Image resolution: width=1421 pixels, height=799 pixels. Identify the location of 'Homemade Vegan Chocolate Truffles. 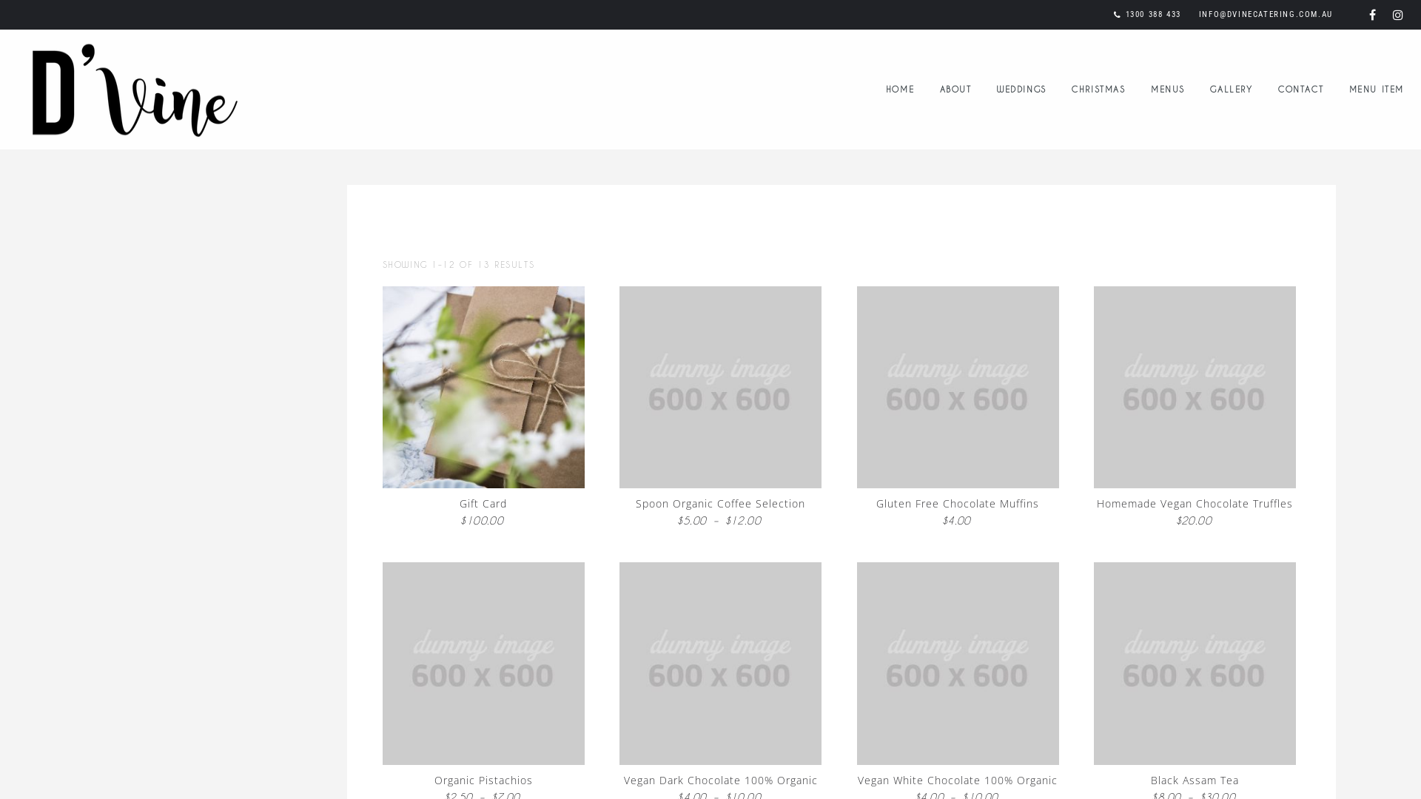
(1195, 408).